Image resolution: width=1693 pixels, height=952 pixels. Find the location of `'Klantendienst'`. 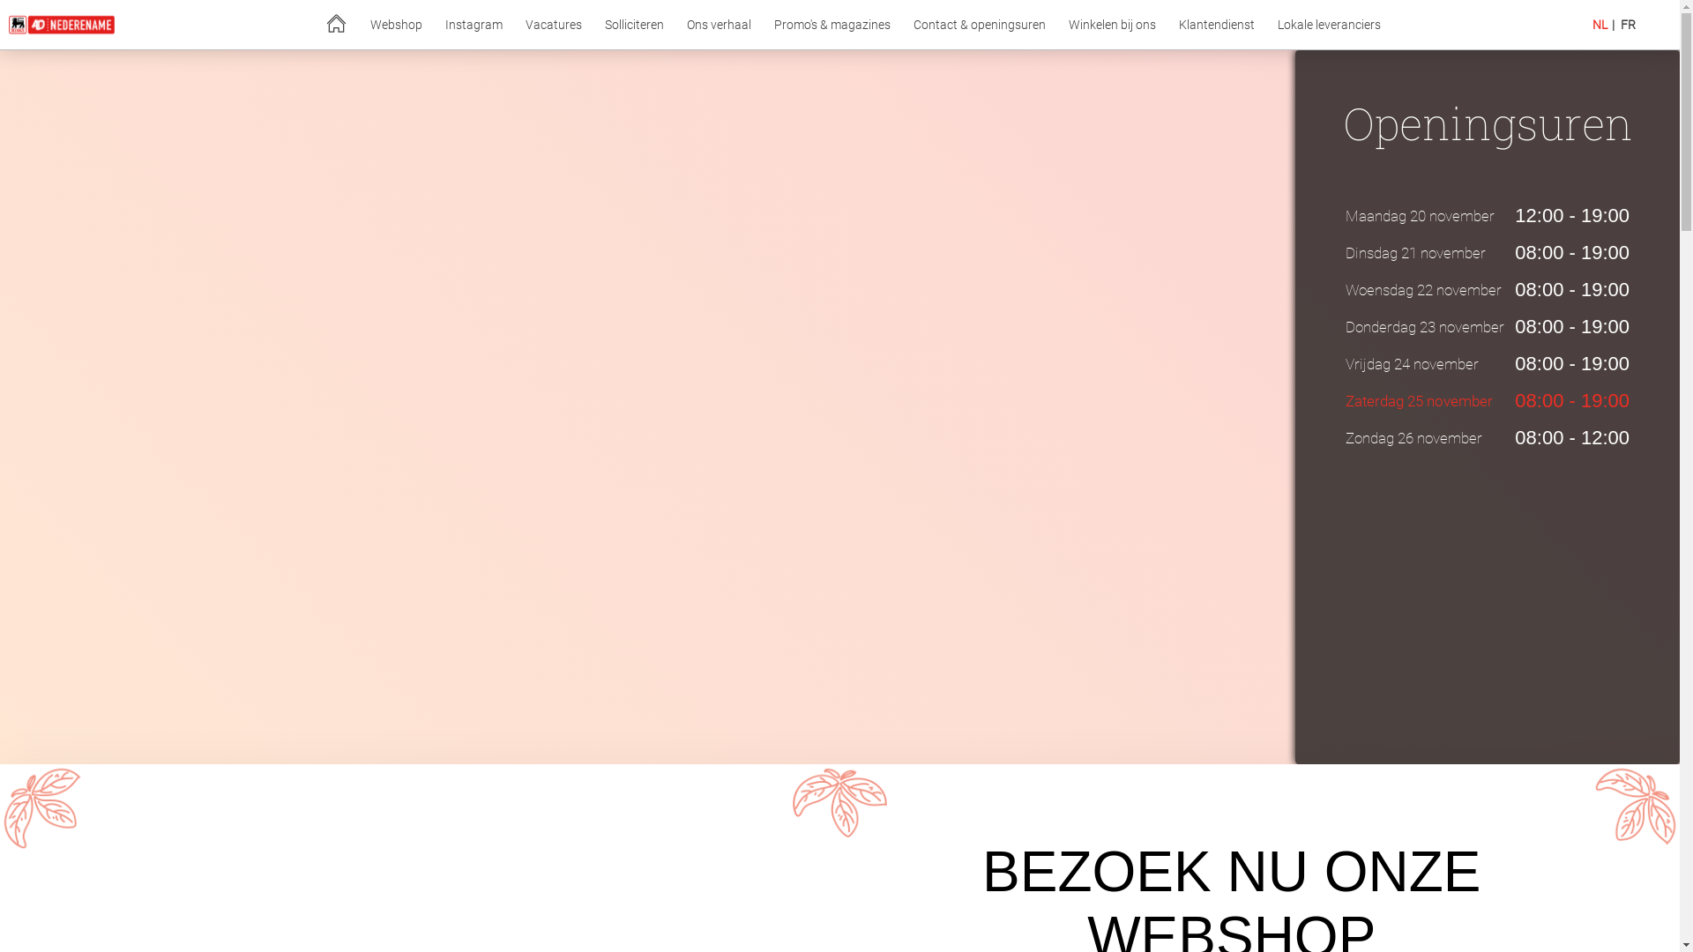

'Klantendienst' is located at coordinates (1167, 24).